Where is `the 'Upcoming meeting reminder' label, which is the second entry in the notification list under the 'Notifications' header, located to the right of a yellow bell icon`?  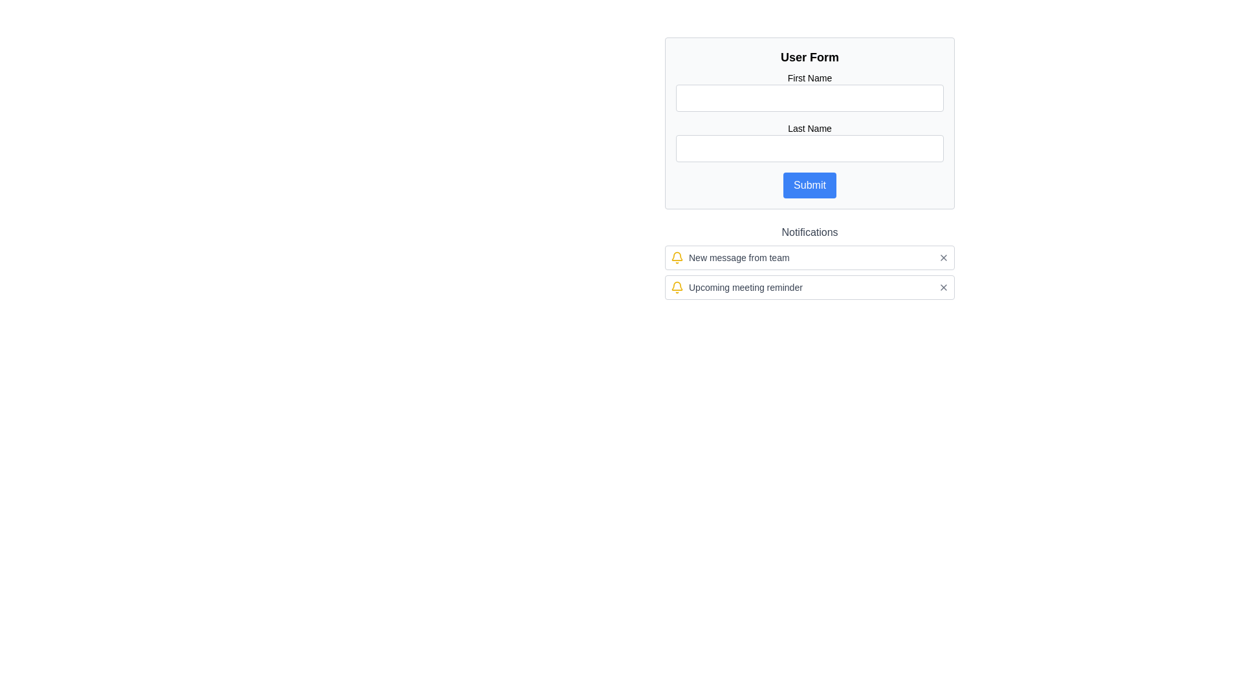 the 'Upcoming meeting reminder' label, which is the second entry in the notification list under the 'Notifications' header, located to the right of a yellow bell icon is located at coordinates (745, 286).